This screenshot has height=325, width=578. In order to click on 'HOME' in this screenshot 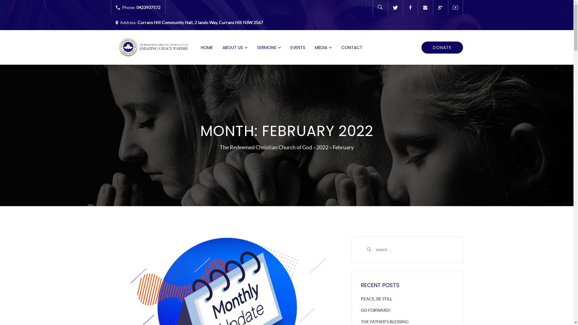, I will do `click(200, 47)`.